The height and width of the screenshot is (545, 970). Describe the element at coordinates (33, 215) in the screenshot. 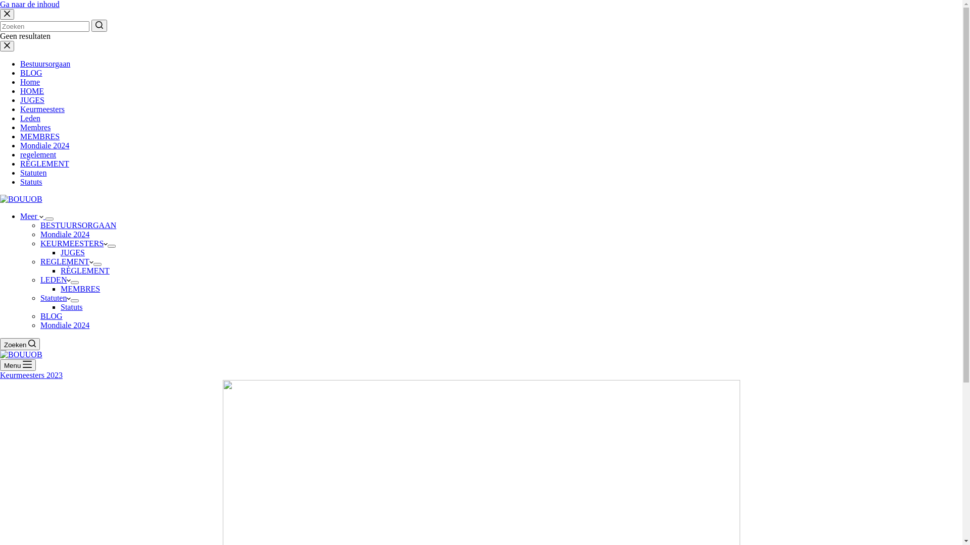

I see `'Meer'` at that location.